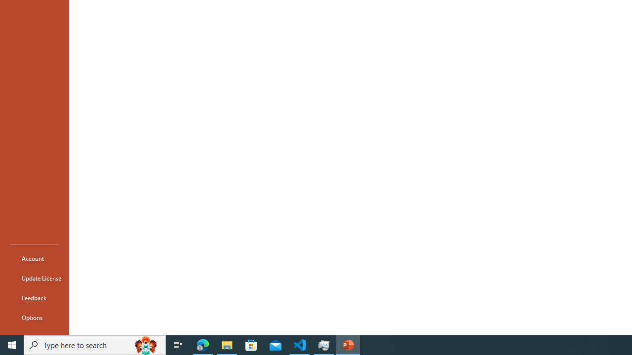 This screenshot has width=632, height=355. Describe the element at coordinates (34, 278) in the screenshot. I see `'Update License'` at that location.